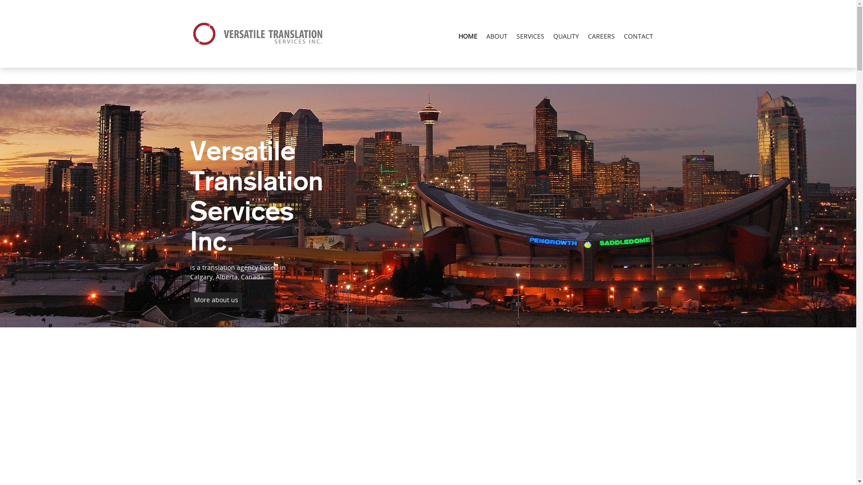  I want to click on 'Google+', so click(12, 4).